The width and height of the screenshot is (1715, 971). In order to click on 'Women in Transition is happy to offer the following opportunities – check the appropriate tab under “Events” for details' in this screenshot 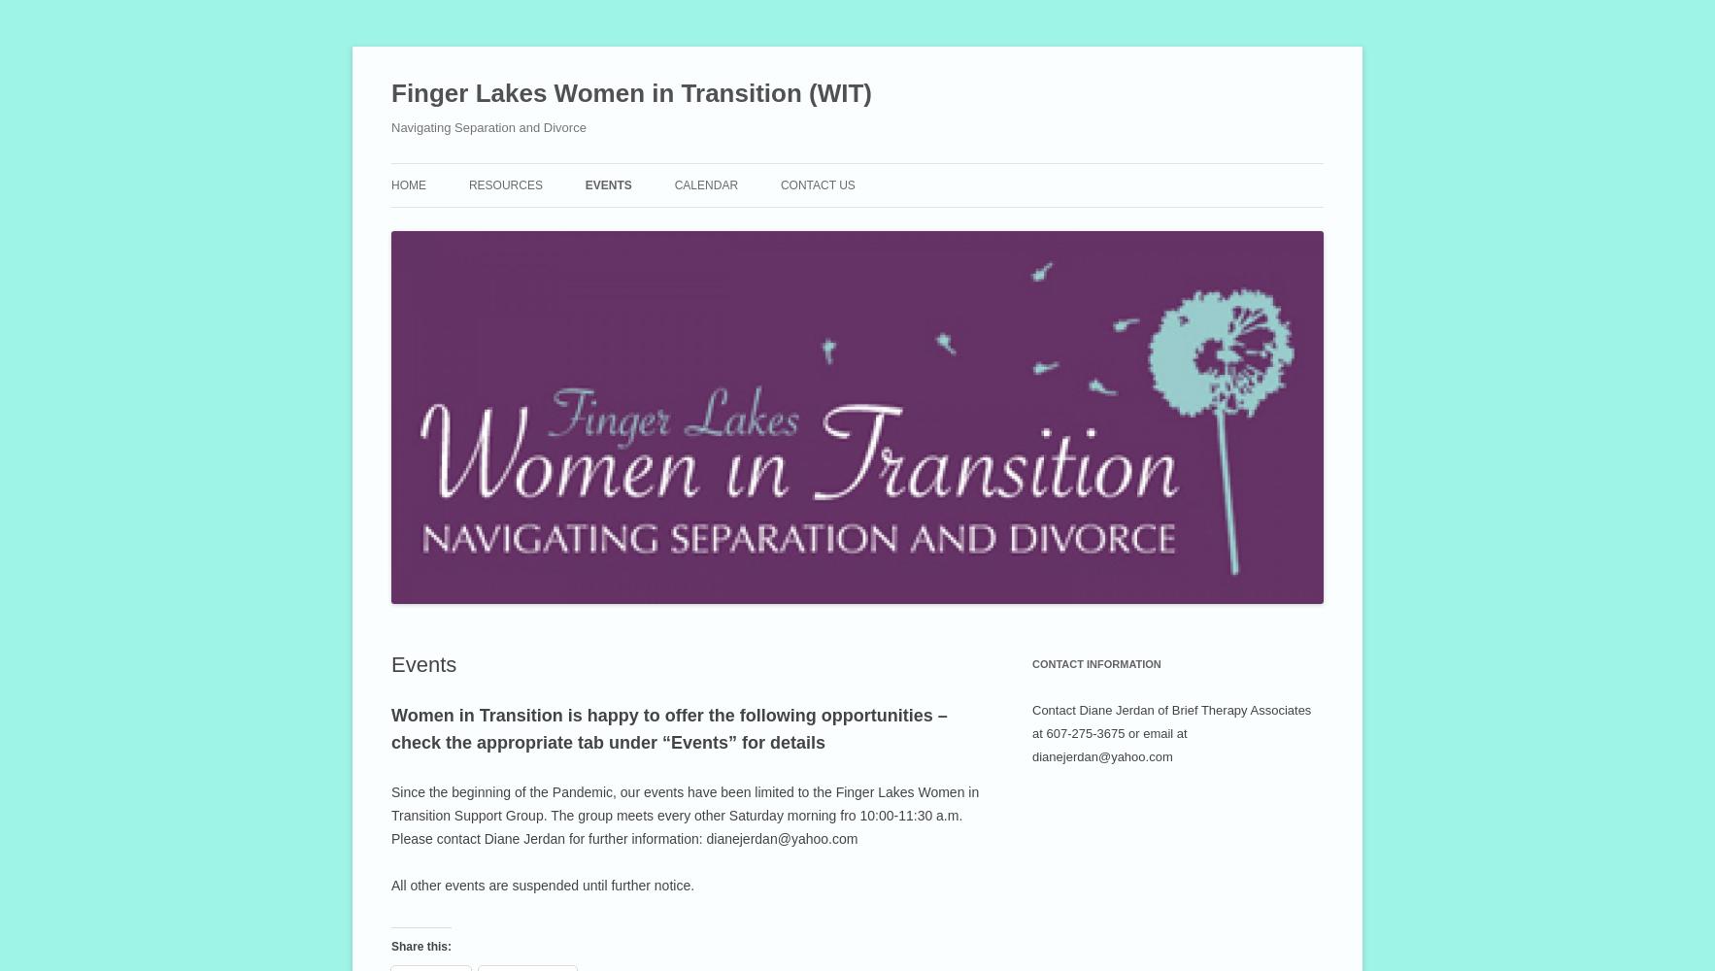, I will do `click(668, 728)`.